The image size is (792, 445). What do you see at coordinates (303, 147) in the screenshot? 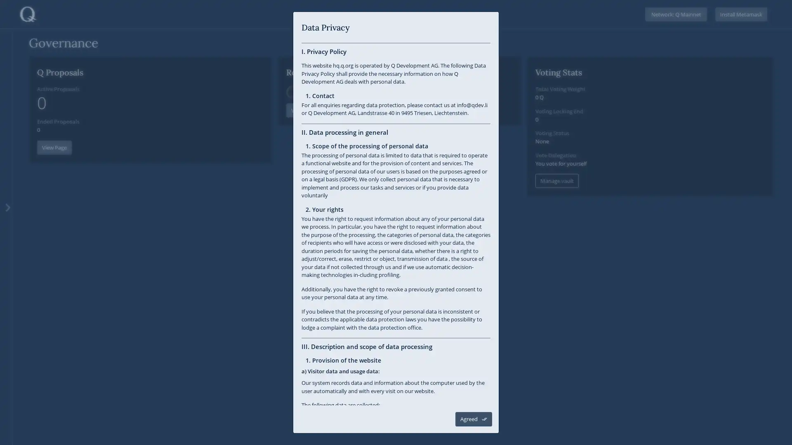
I see `View Page` at bounding box center [303, 147].